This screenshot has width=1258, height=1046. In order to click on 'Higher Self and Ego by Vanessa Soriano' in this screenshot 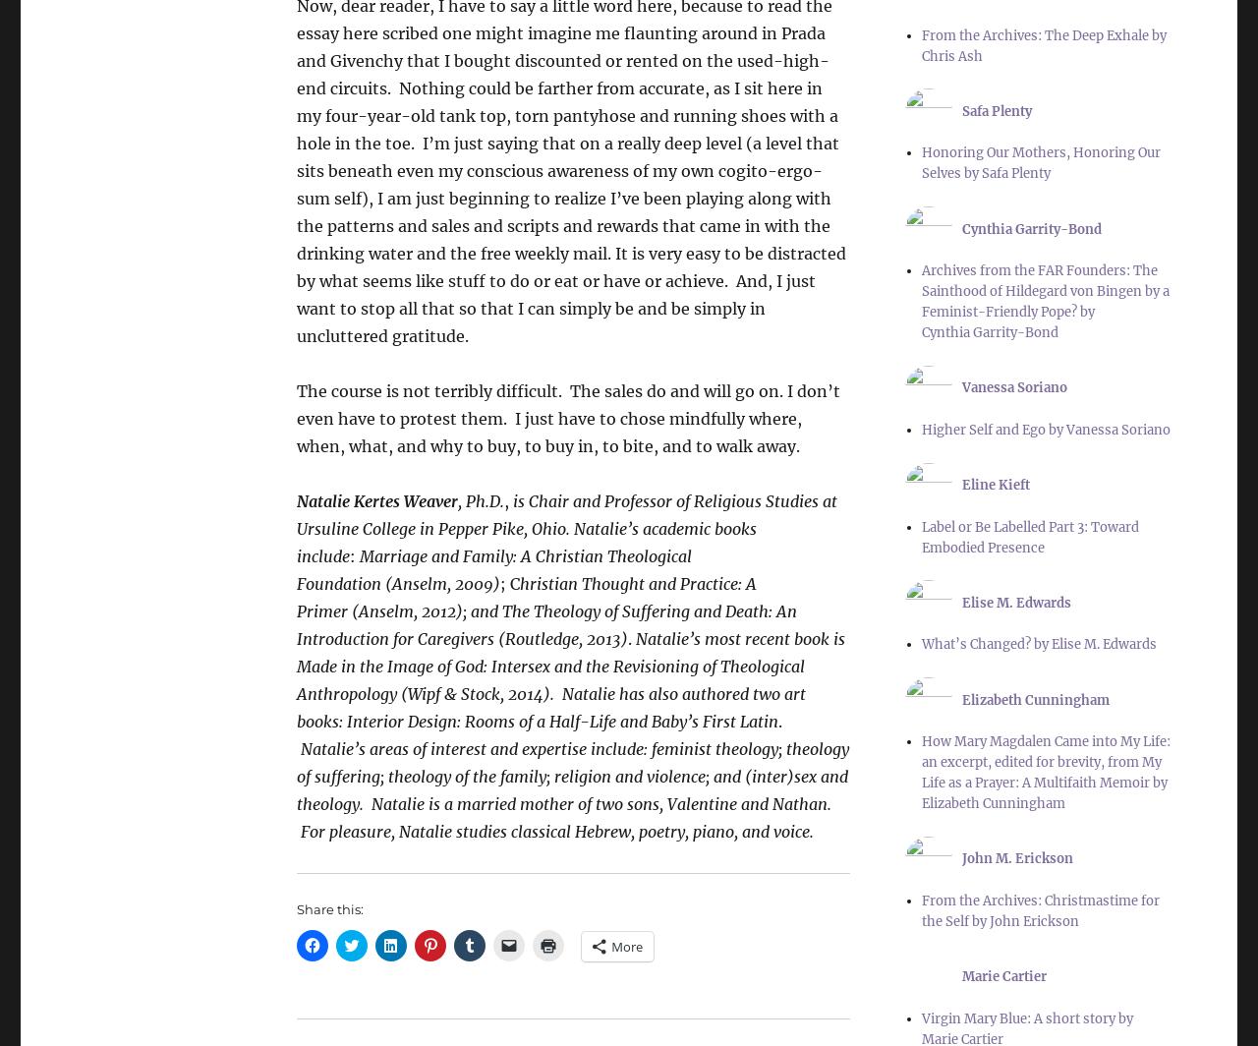, I will do `click(1044, 429)`.